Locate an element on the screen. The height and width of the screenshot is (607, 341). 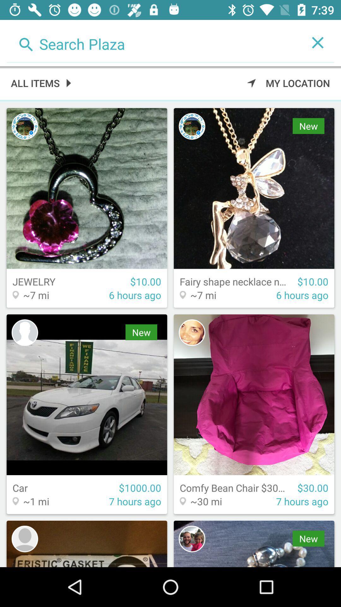
option is located at coordinates (154, 42).